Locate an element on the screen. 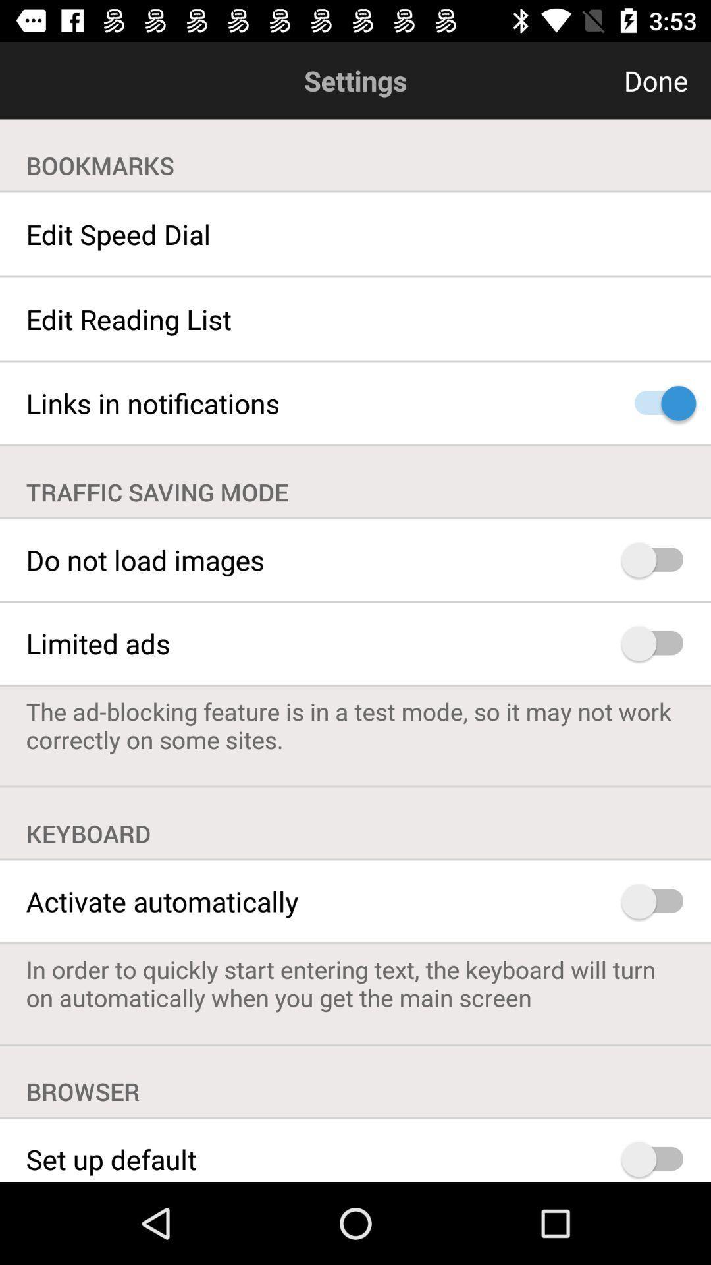 The image size is (711, 1265). icon above bookmarks icon is located at coordinates (591, 80).